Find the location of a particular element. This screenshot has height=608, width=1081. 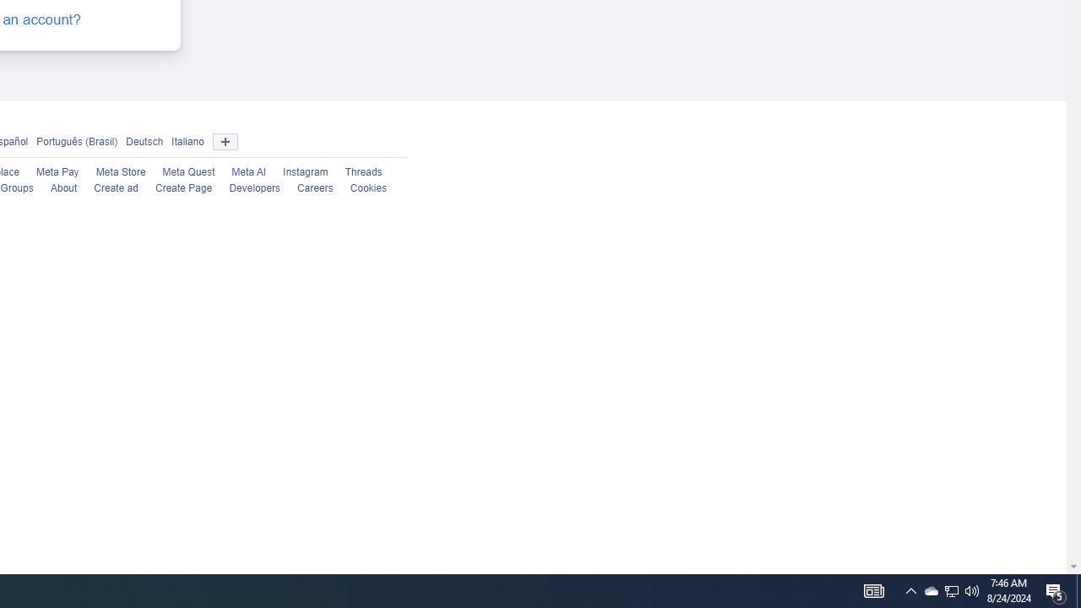

'Developers' is located at coordinates (253, 188).